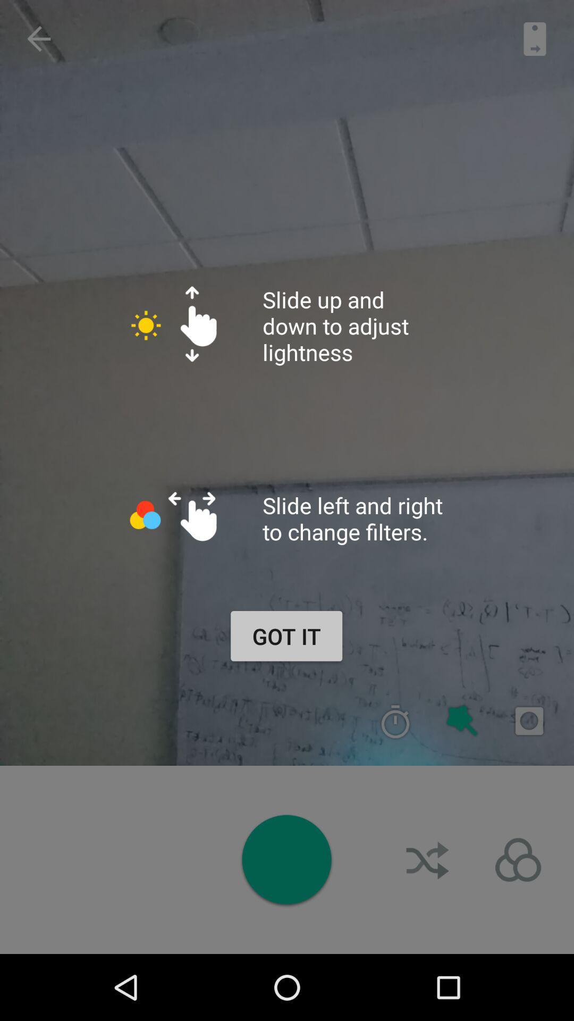 The width and height of the screenshot is (574, 1021). What do you see at coordinates (395, 721) in the screenshot?
I see `timer option` at bounding box center [395, 721].